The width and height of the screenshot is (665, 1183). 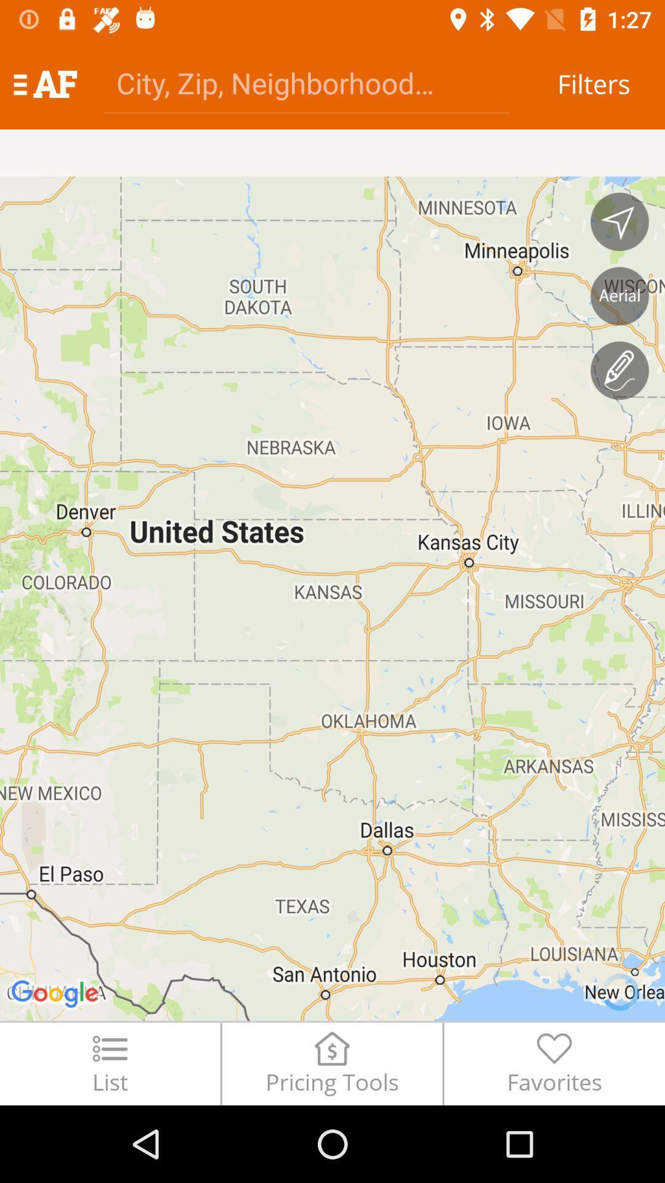 What do you see at coordinates (619, 222) in the screenshot?
I see `to sail` at bounding box center [619, 222].